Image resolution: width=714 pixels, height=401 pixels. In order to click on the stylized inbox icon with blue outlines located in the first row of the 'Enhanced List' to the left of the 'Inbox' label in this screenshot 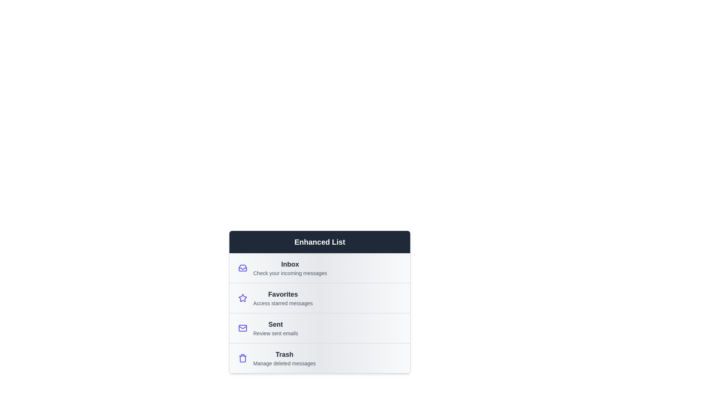, I will do `click(242, 268)`.